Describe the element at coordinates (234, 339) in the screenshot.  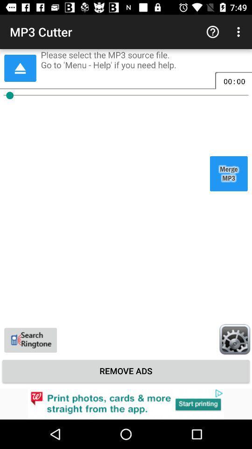
I see `options` at that location.